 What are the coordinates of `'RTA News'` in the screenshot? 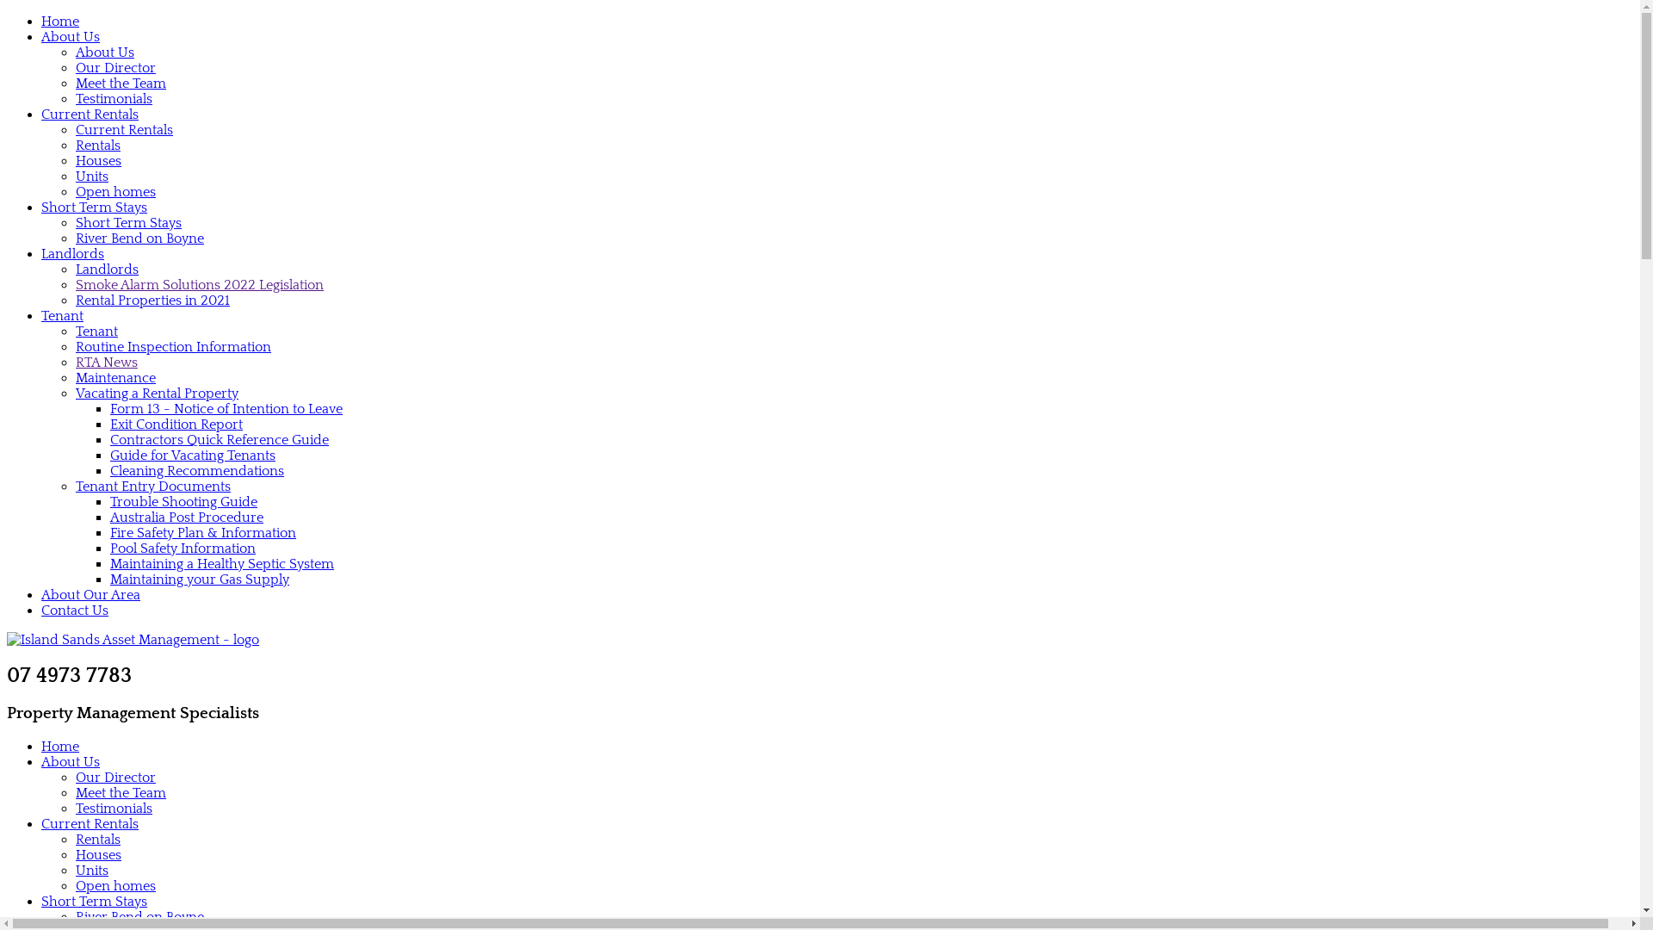 It's located at (106, 361).